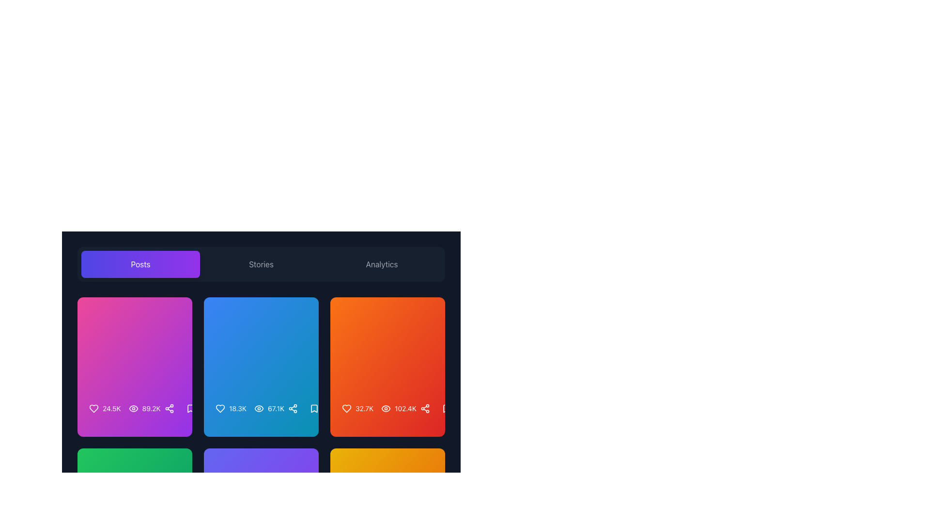 The image size is (930, 523). What do you see at coordinates (220, 409) in the screenshot?
I see `the heart-shaped icon filled with a solid color, which symbolizes liking or favoriting content, located in the center column of the second row above the likes count (18.3K)` at bounding box center [220, 409].